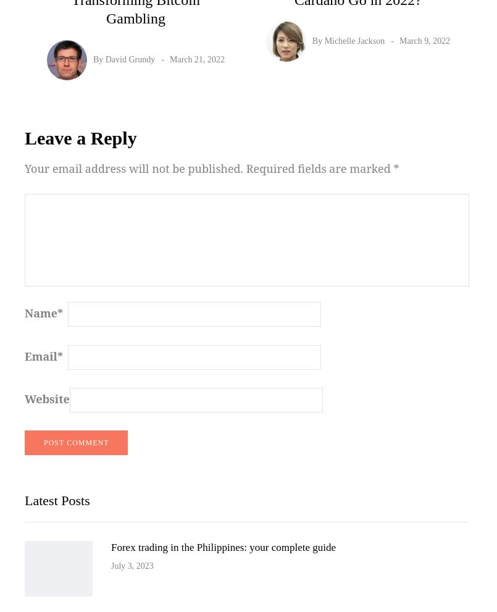 This screenshot has width=497, height=612. What do you see at coordinates (40, 312) in the screenshot?
I see `'Name'` at bounding box center [40, 312].